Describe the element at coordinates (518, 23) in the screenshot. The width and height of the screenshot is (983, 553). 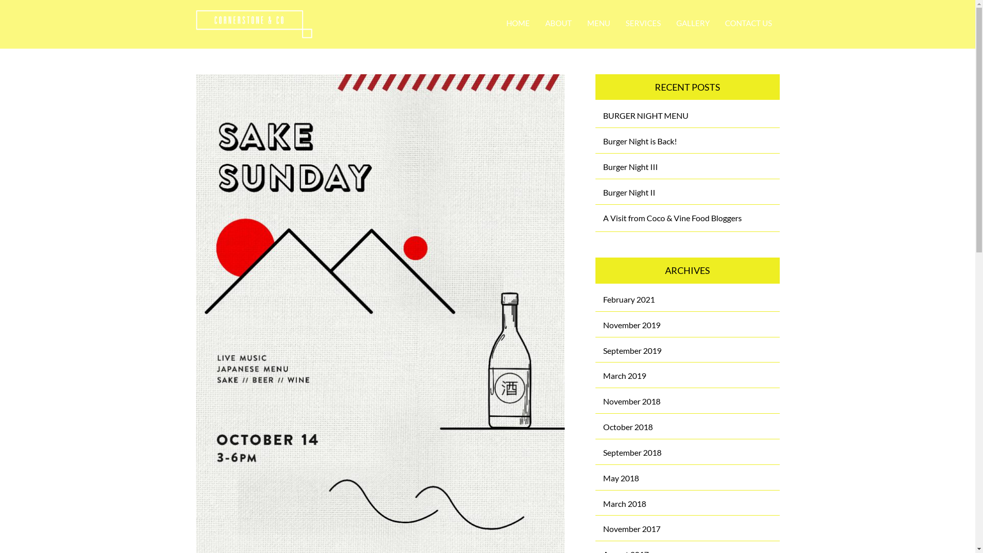
I see `'HOME'` at that location.